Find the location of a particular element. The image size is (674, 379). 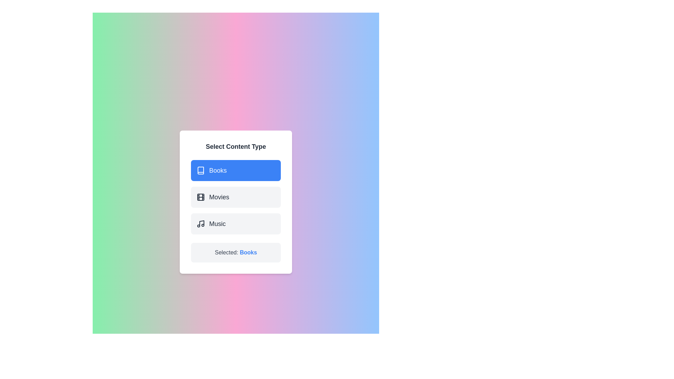

the 'Music' text label, which is part of a vertical layout and positioned between 'Movies' and the current selection label is located at coordinates (217, 224).